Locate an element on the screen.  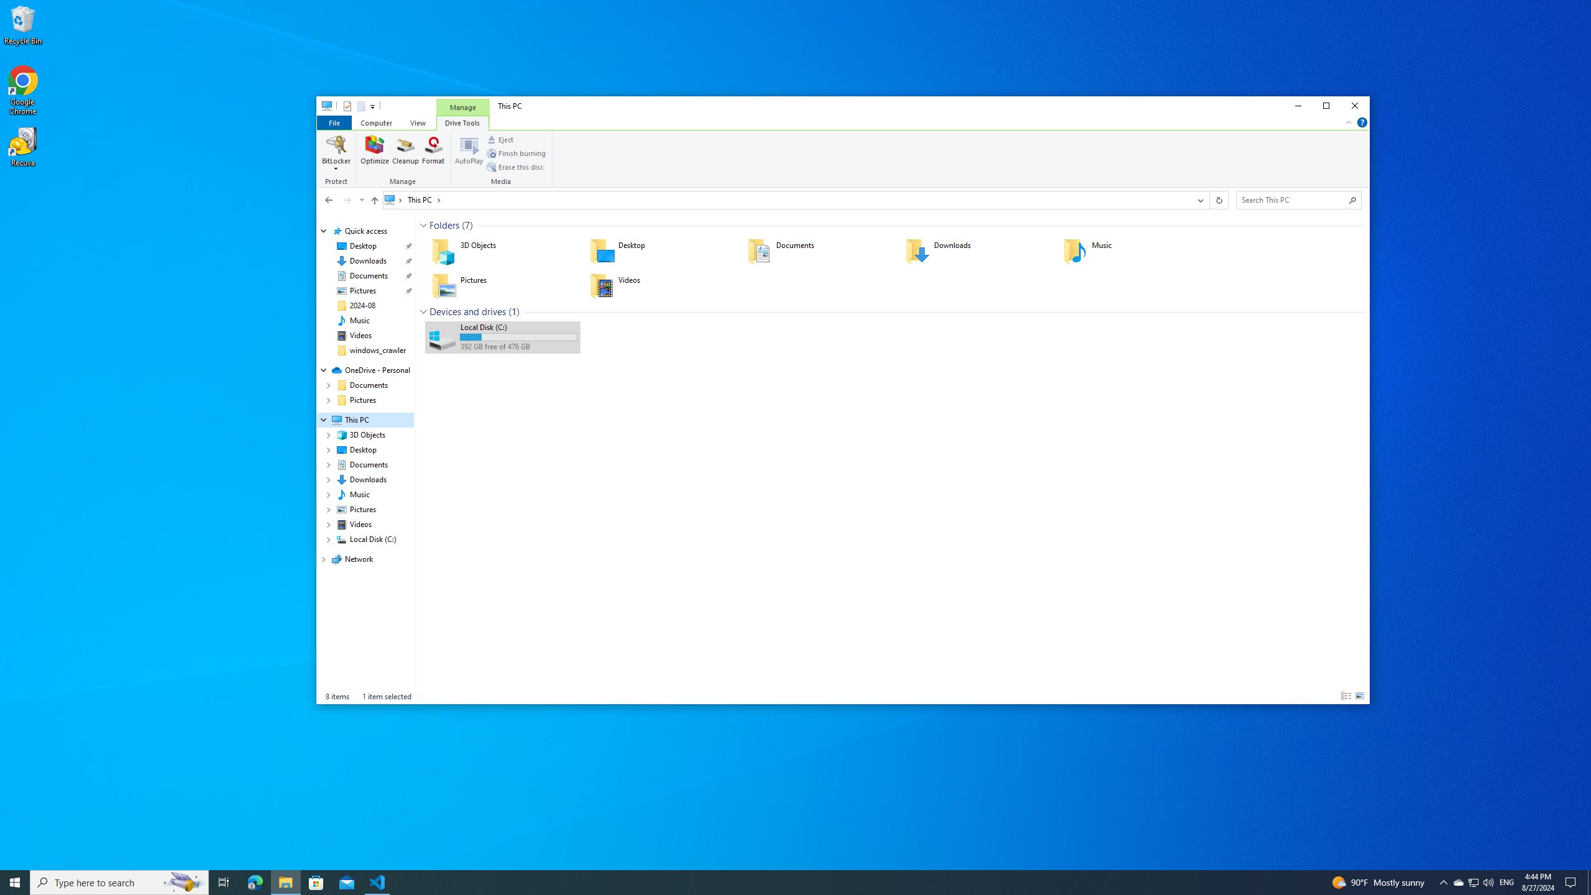
'File tab' is located at coordinates (334, 122).